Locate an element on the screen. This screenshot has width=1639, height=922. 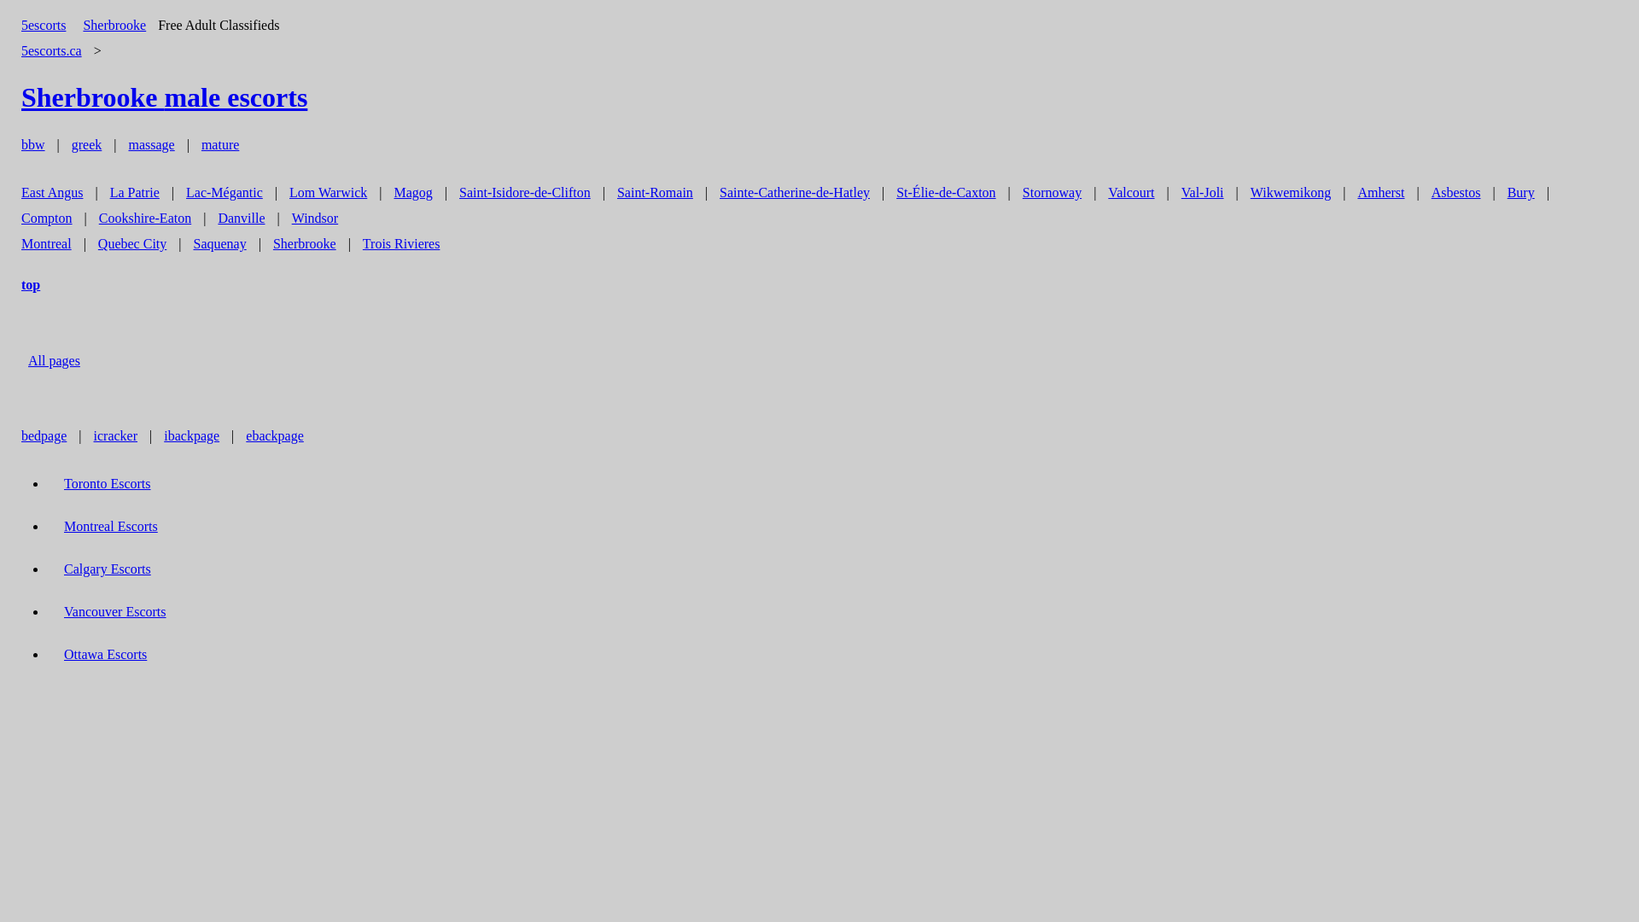
'Danville' is located at coordinates (240, 217).